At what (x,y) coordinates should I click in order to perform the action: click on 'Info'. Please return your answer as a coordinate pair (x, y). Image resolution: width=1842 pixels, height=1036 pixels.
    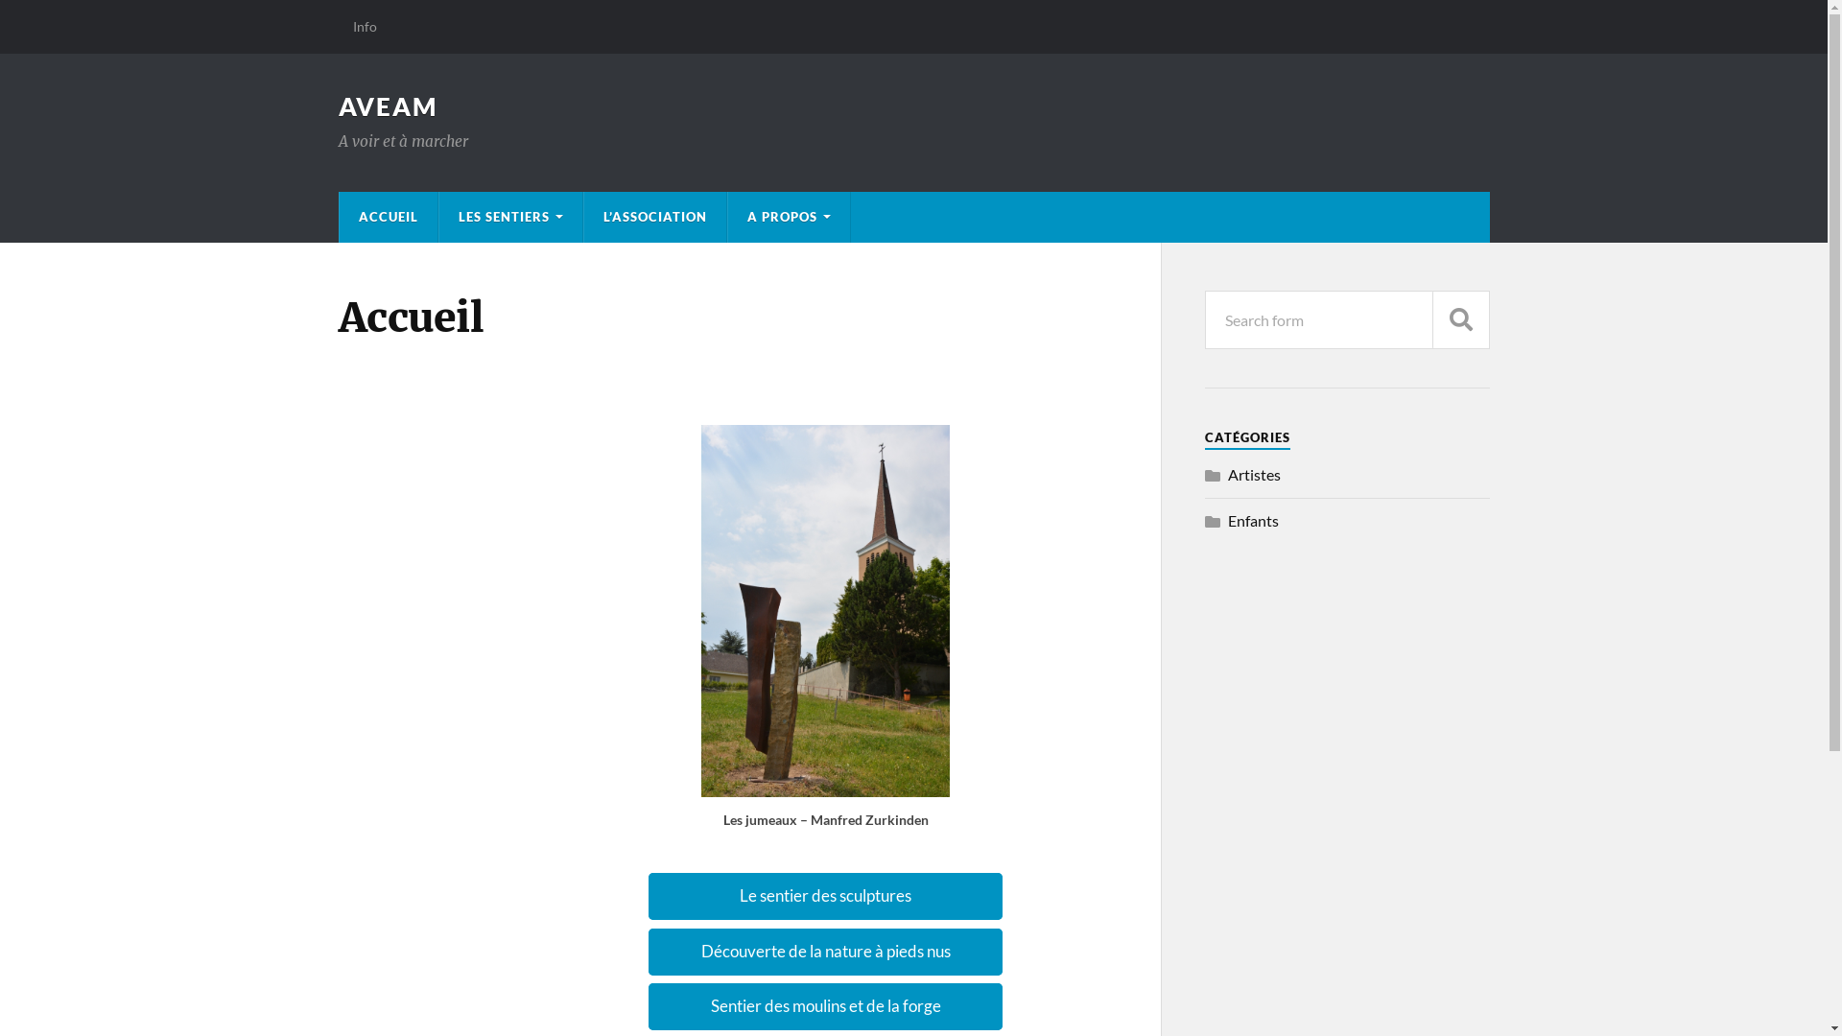
    Looking at the image, I should click on (364, 26).